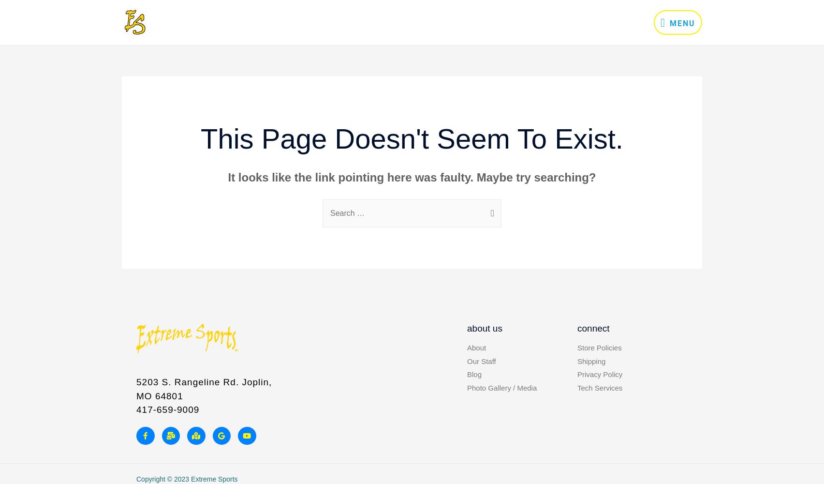 The width and height of the screenshot is (824, 484). Describe the element at coordinates (411, 138) in the screenshot. I see `'This page doesn't seem to exist.'` at that location.